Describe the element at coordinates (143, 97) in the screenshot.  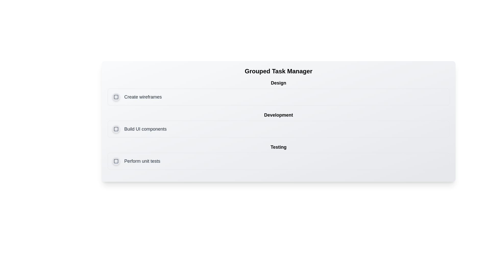
I see `the text label reading 'Create wireframes' styled in a larger font size and dark gray color, which is positioned under the 'Design' section next to the first checkbox in the vertical task list` at that location.